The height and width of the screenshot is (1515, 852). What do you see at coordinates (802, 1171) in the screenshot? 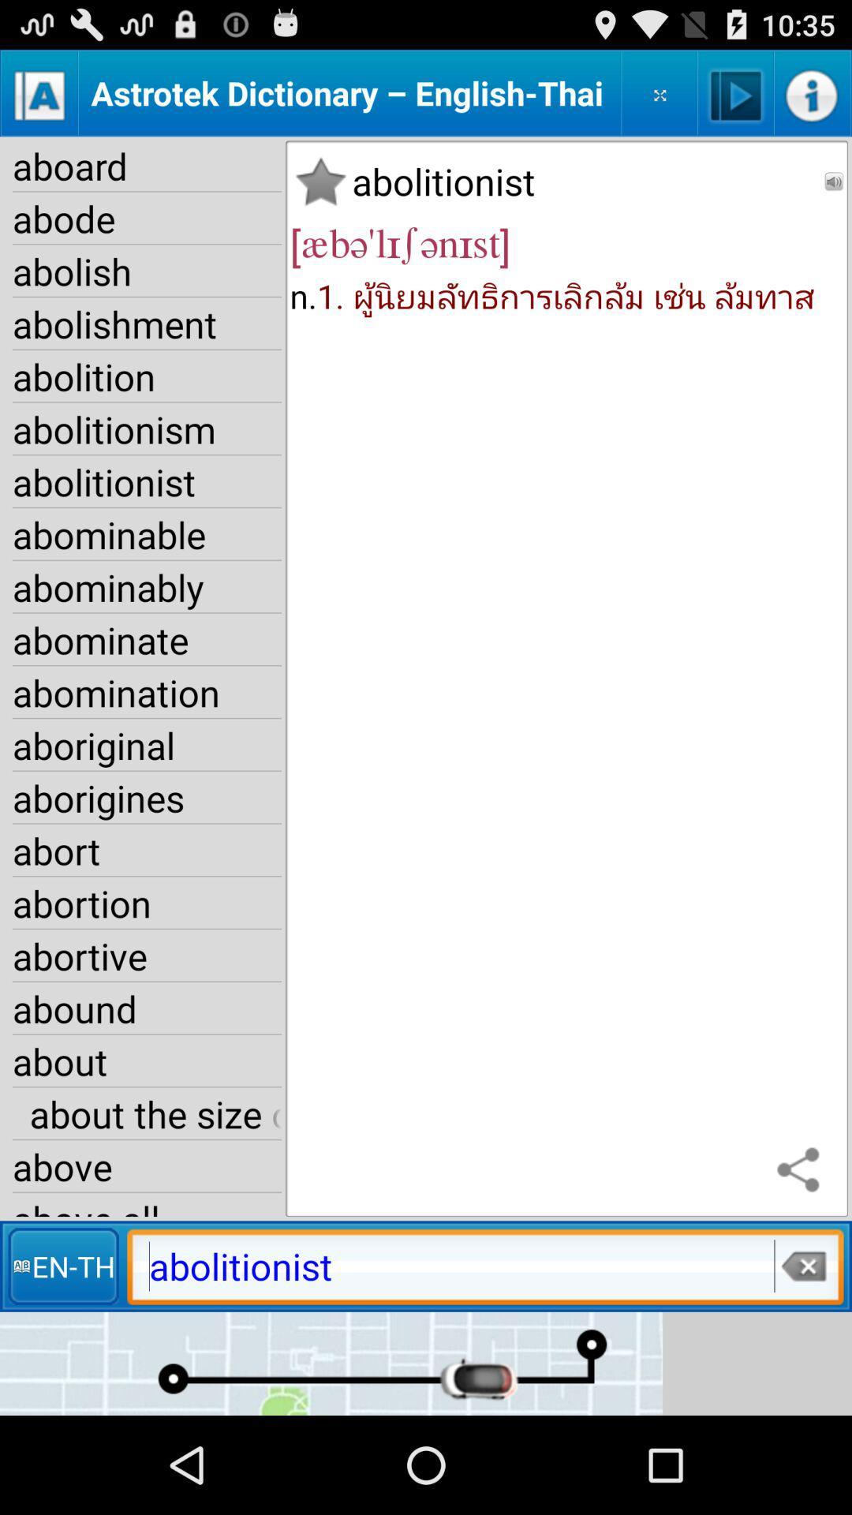
I see `the icon to the right of the about the size` at bounding box center [802, 1171].